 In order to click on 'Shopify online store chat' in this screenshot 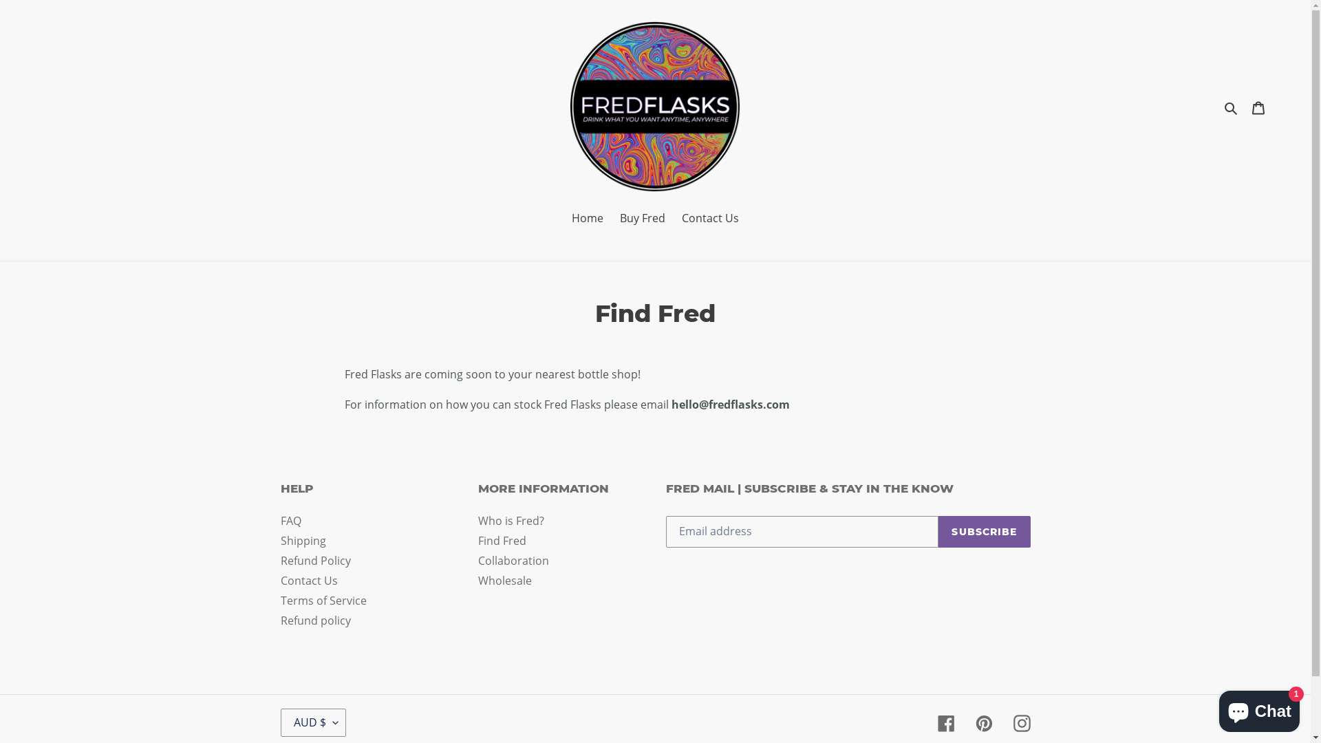, I will do `click(1259, 708)`.